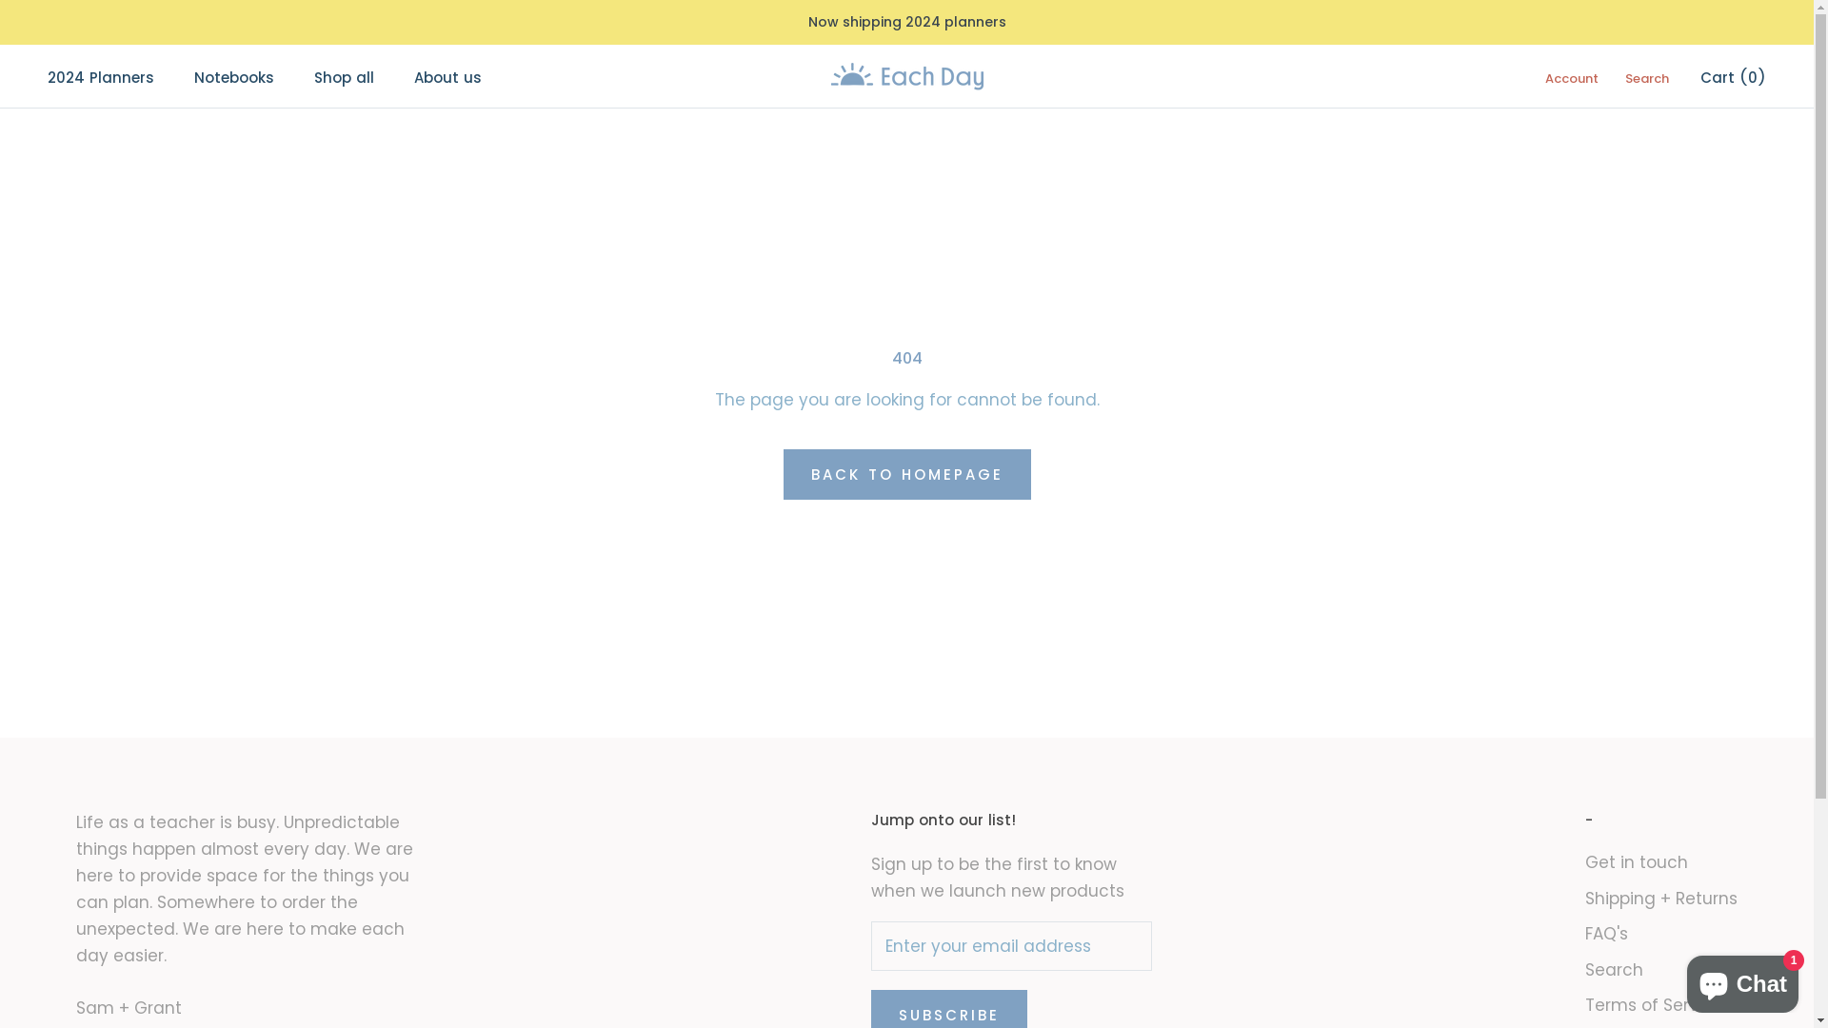 Image resolution: width=1828 pixels, height=1028 pixels. Describe the element at coordinates (1660, 899) in the screenshot. I see `'Shipping + Returns'` at that location.